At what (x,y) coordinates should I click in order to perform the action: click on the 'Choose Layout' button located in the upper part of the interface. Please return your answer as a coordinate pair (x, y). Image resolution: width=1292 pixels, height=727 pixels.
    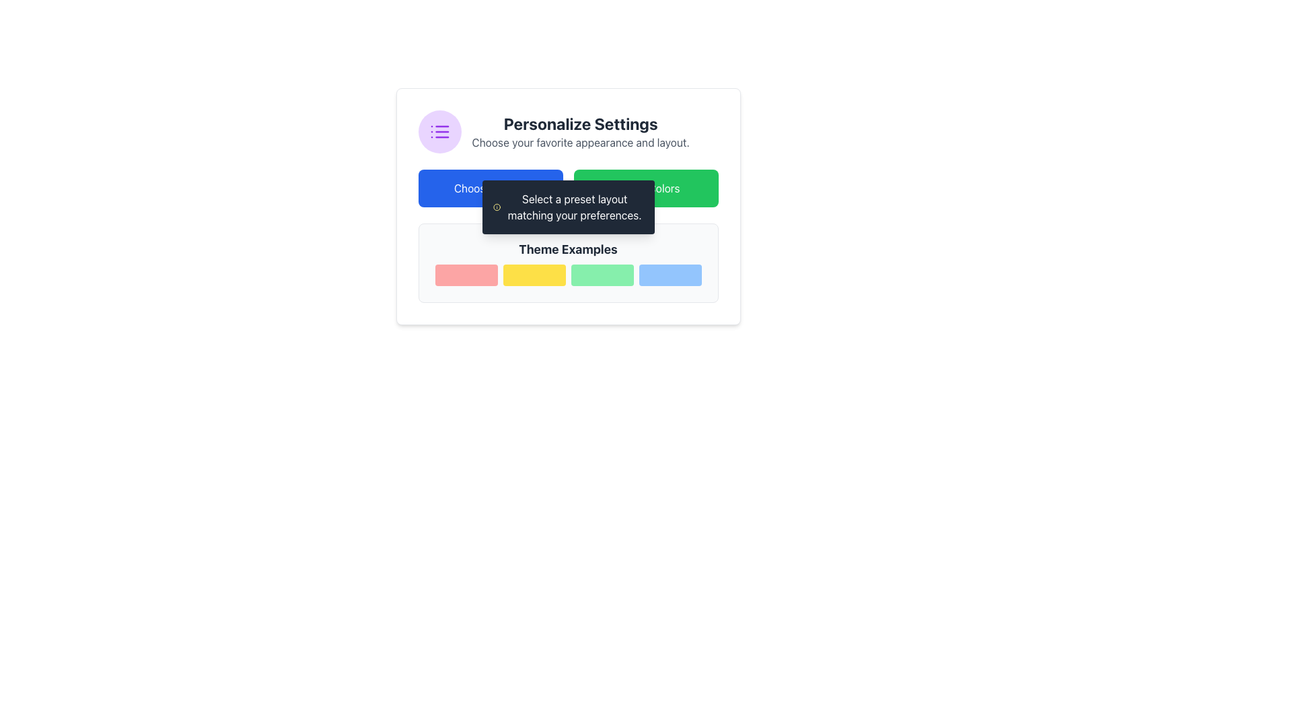
    Looking at the image, I should click on (490, 188).